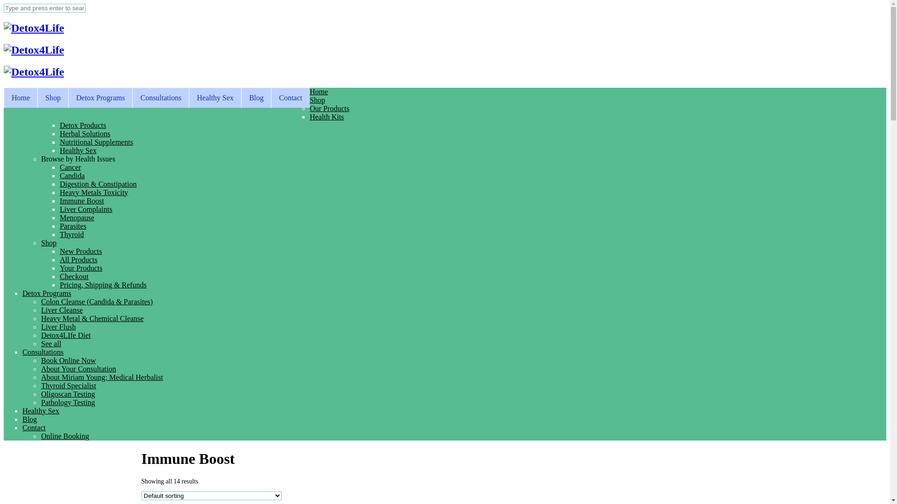 The width and height of the screenshot is (897, 504). What do you see at coordinates (48, 242) in the screenshot?
I see `'Shop'` at bounding box center [48, 242].